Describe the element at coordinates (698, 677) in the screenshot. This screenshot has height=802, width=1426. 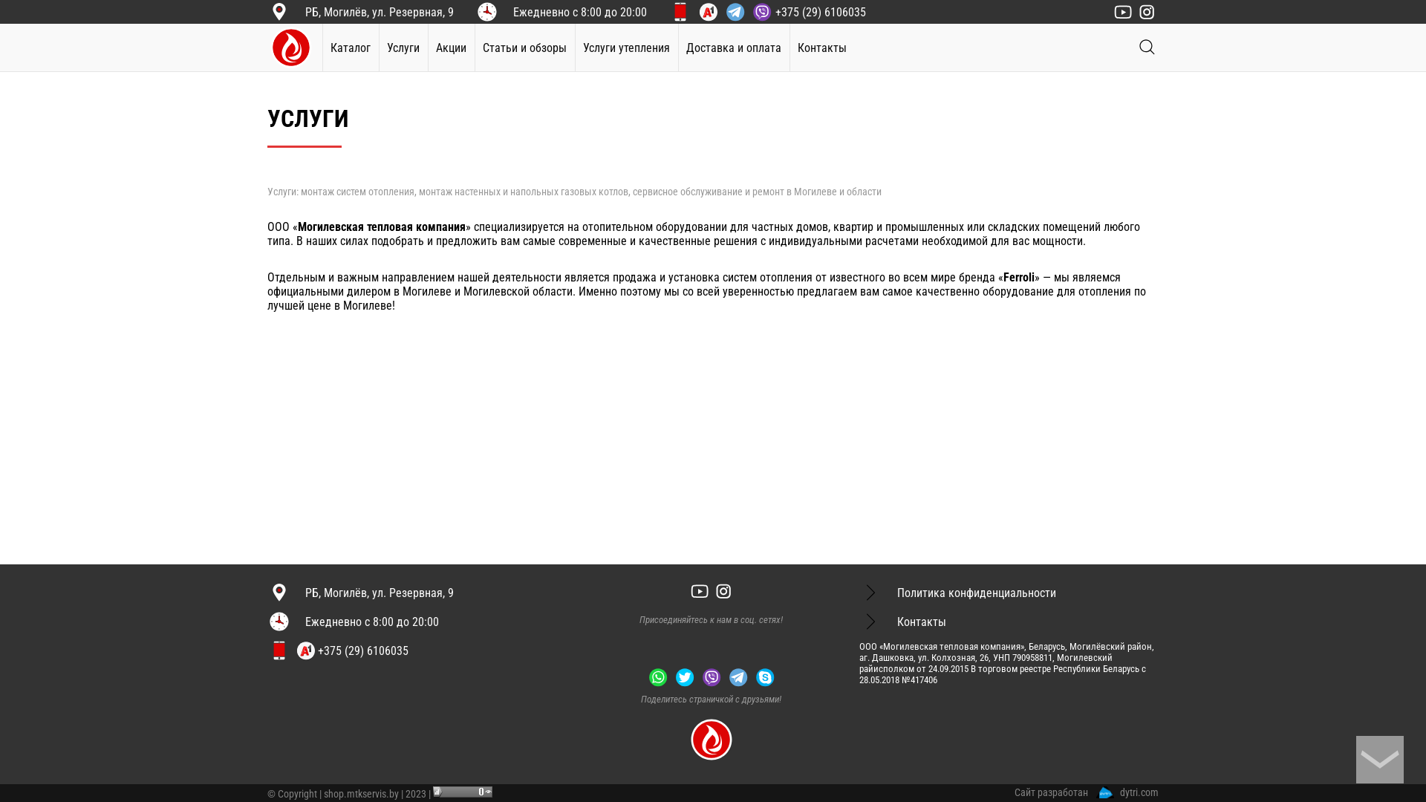
I see `'Viber'` at that location.